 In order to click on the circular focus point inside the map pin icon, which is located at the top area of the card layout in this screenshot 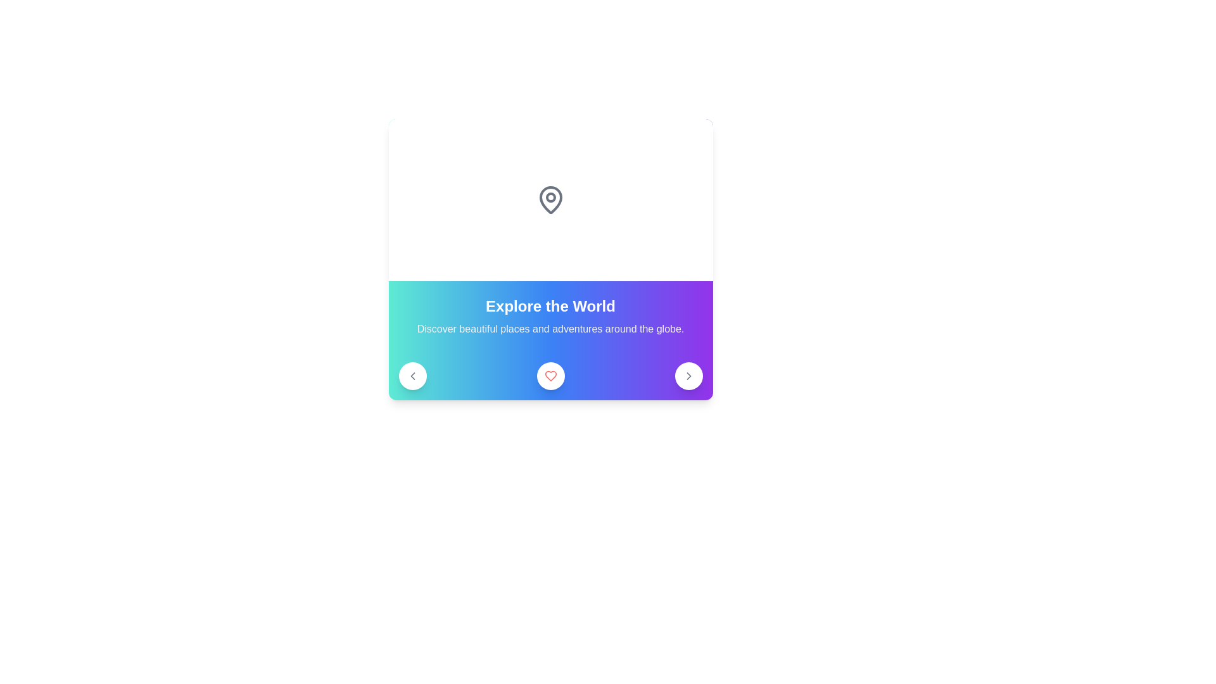, I will do `click(550, 198)`.